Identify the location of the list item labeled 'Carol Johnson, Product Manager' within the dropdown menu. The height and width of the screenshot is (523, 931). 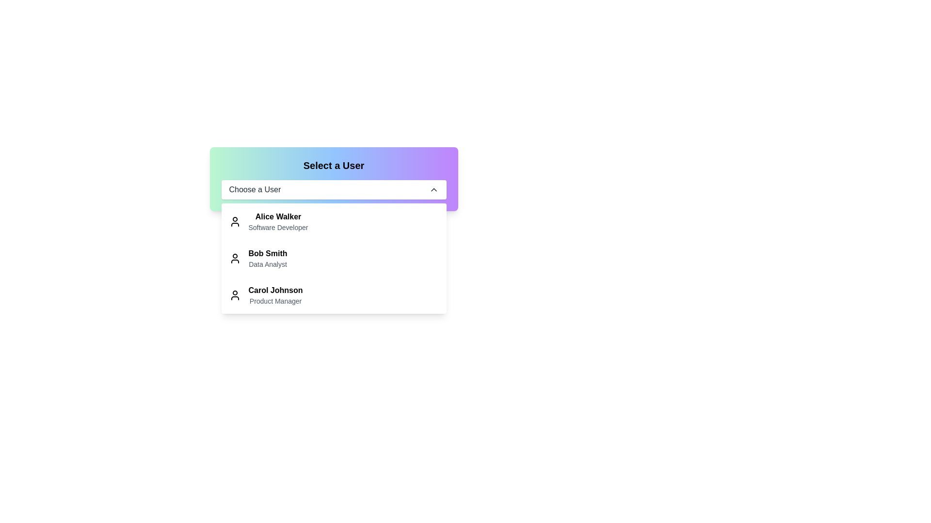
(334, 294).